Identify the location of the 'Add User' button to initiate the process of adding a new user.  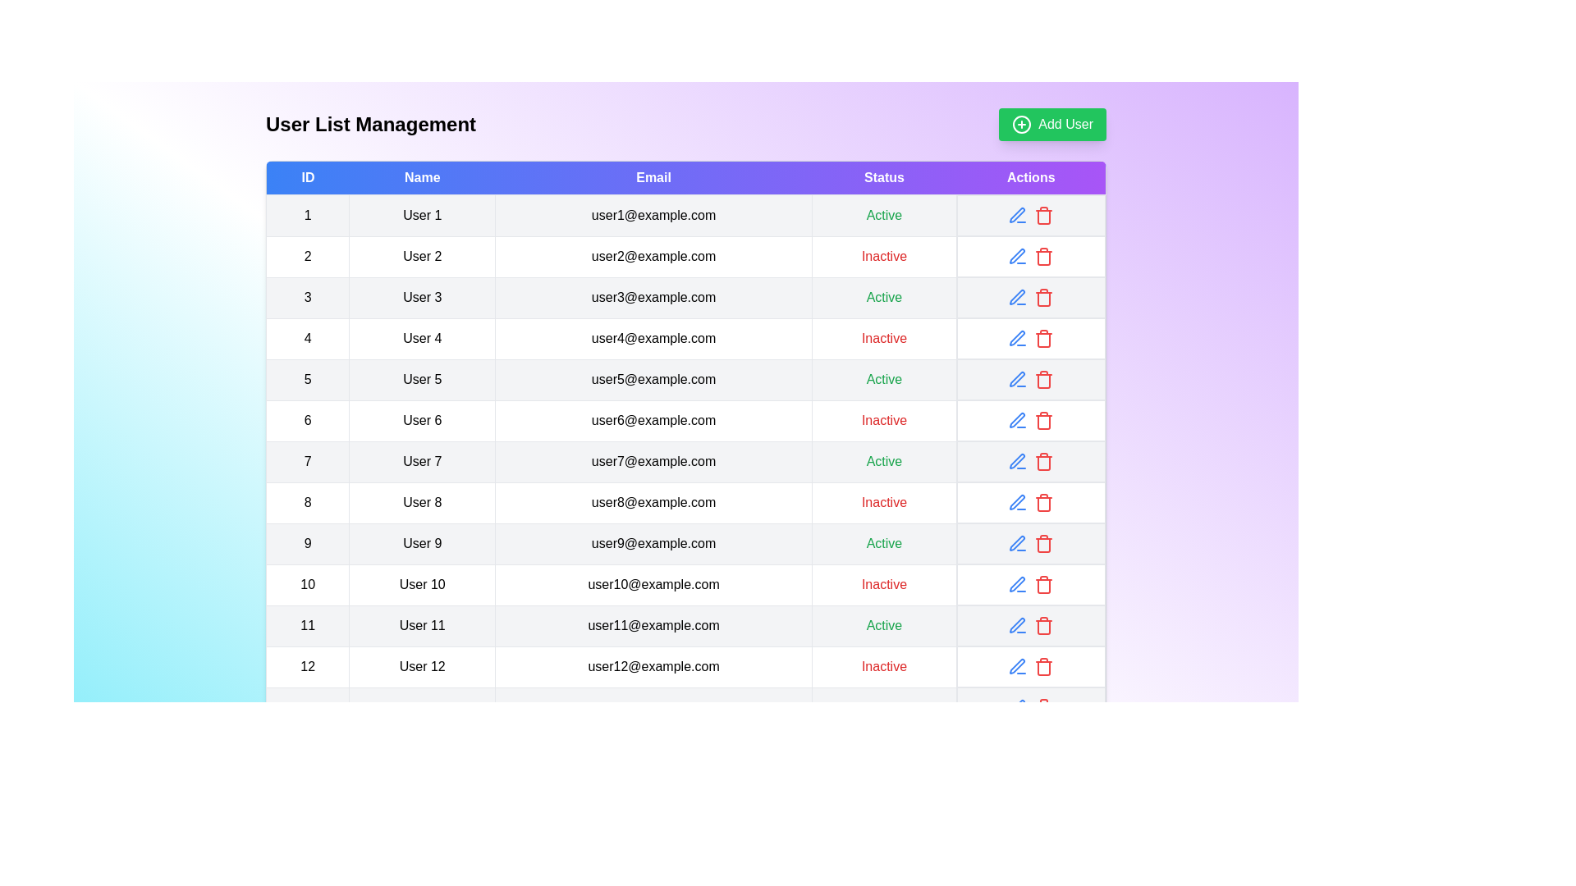
(1052, 123).